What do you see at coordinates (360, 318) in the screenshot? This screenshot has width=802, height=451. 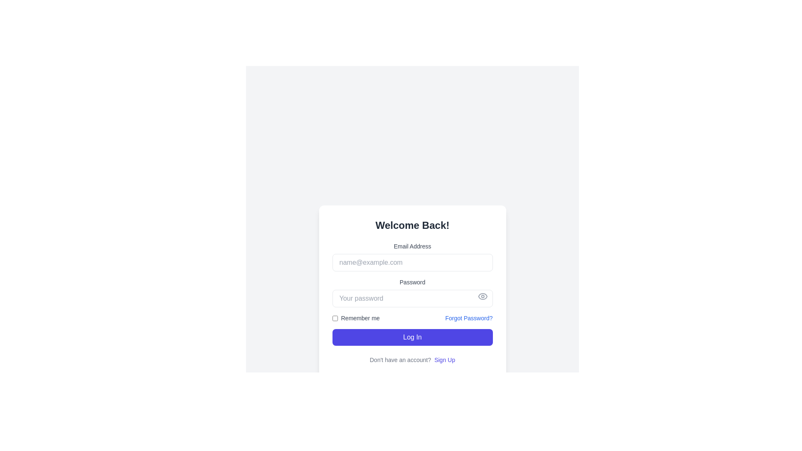 I see `the text label that indicates the function of the adjacent checkbox for remembering login credentials` at bounding box center [360, 318].